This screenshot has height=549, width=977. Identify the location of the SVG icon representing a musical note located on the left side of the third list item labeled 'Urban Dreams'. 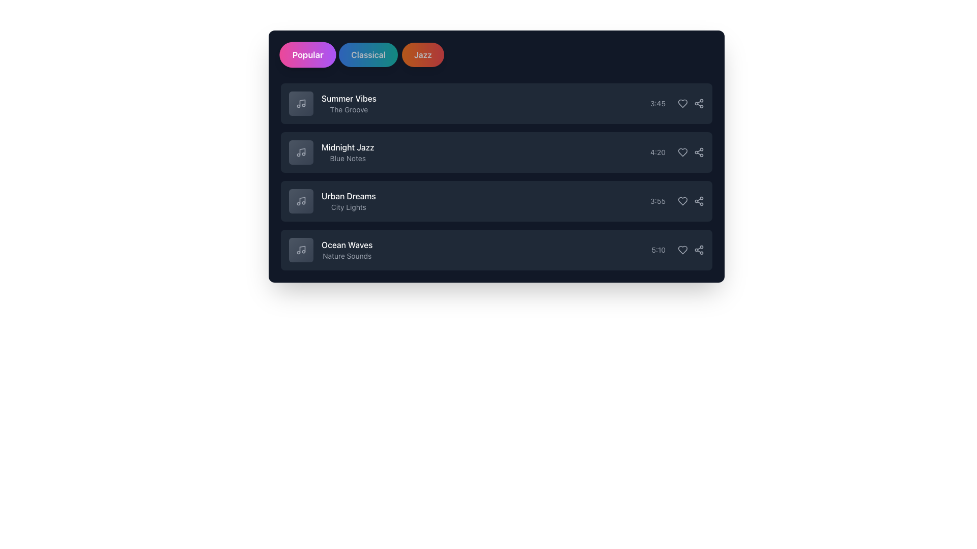
(300, 201).